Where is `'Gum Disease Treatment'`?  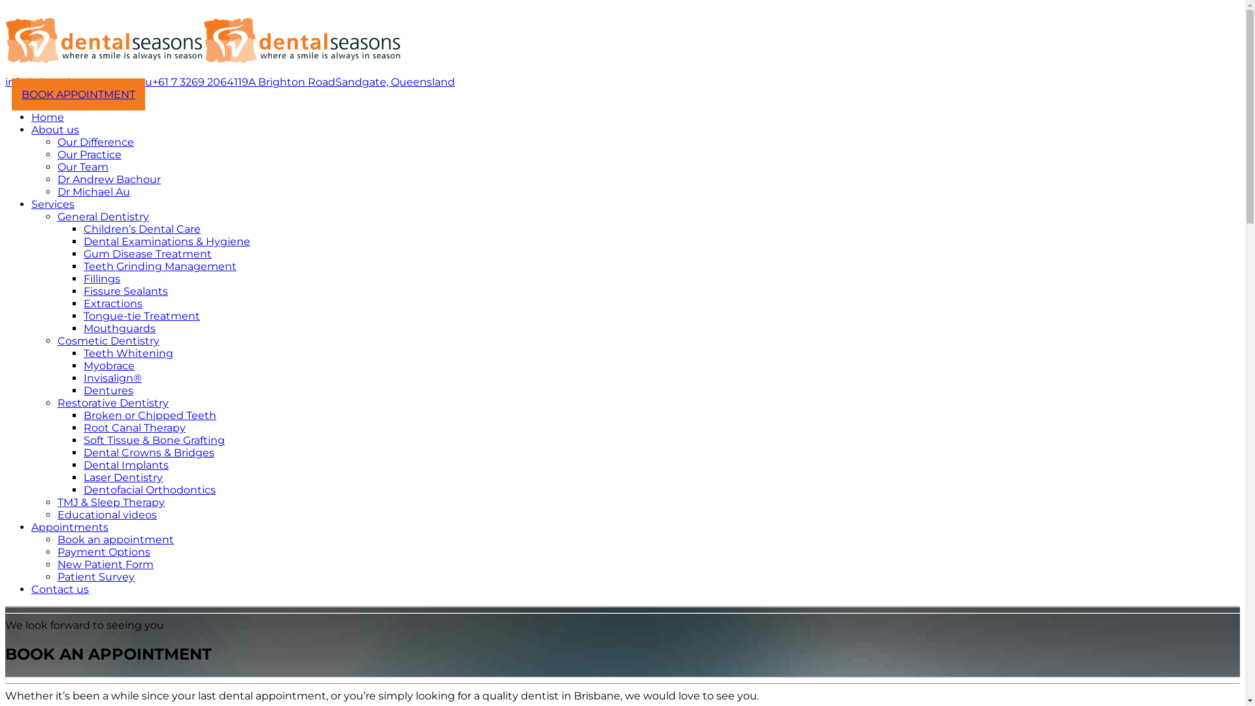 'Gum Disease Treatment' is located at coordinates (83, 254).